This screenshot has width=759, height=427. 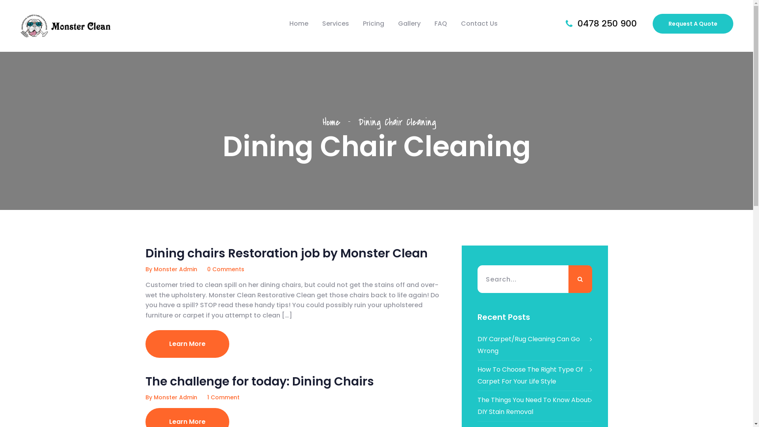 What do you see at coordinates (461, 23) in the screenshot?
I see `'Contact Us'` at bounding box center [461, 23].